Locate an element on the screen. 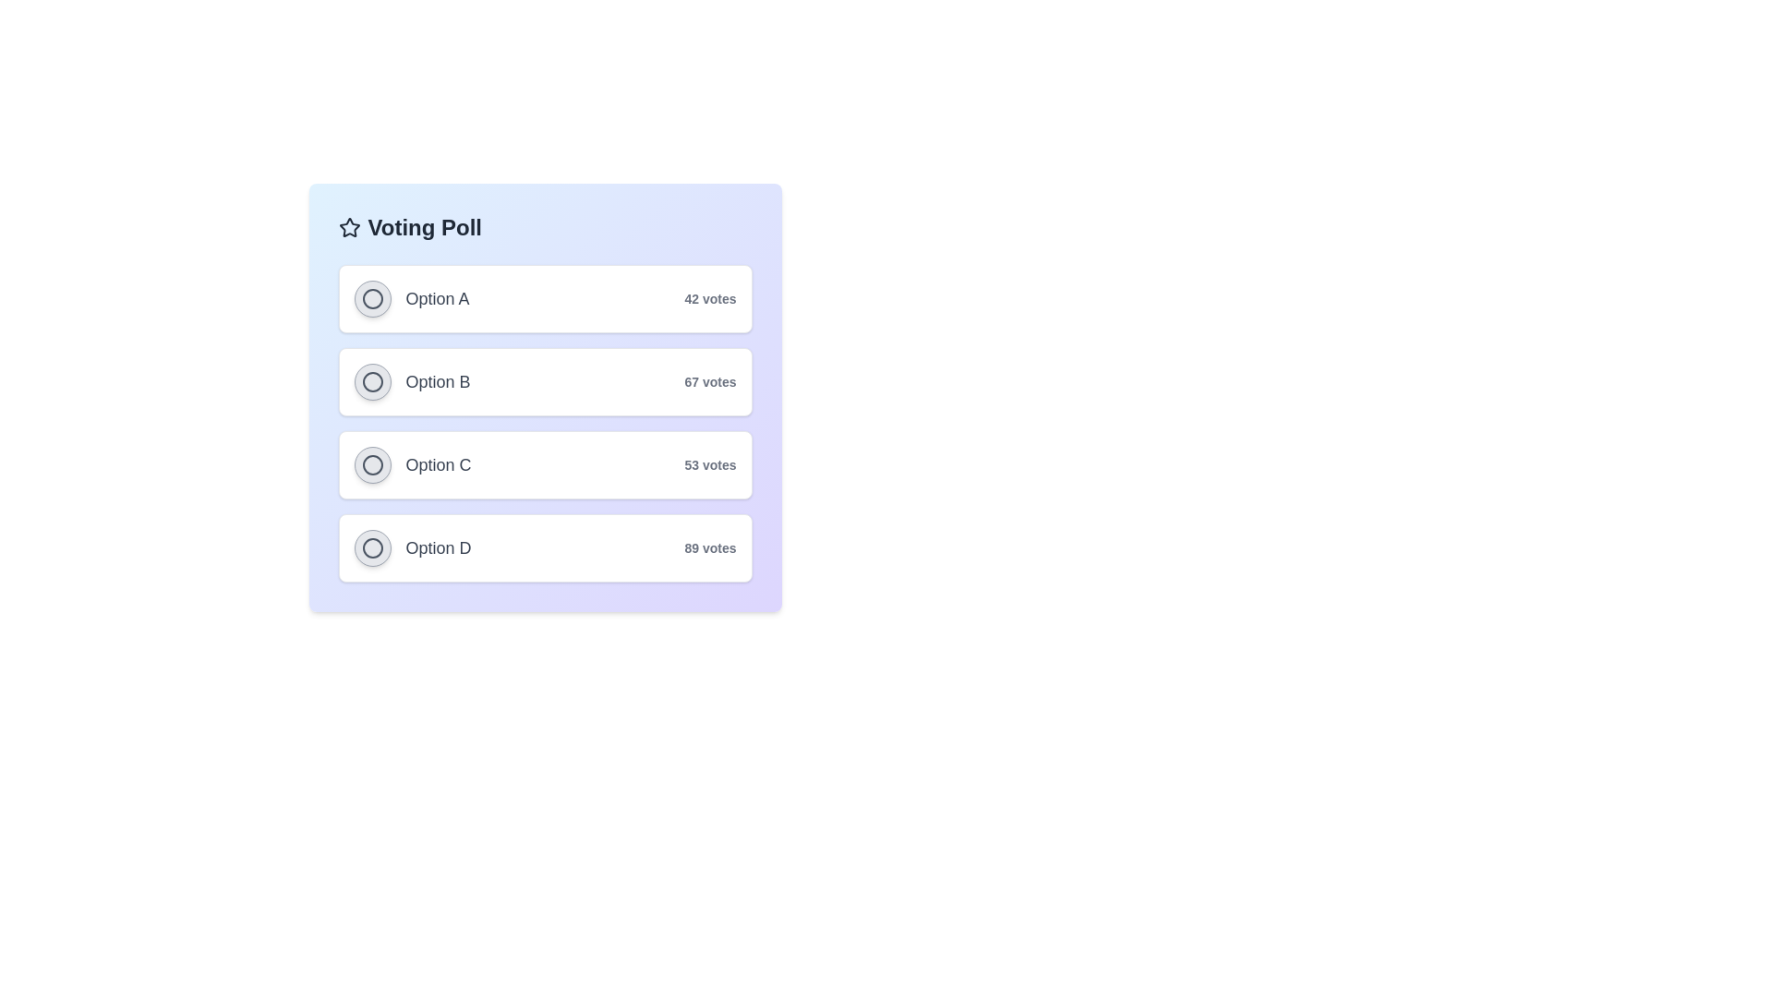  the radio button adjacent to the text 'Option C' in the voting poll interface is located at coordinates (371, 464).